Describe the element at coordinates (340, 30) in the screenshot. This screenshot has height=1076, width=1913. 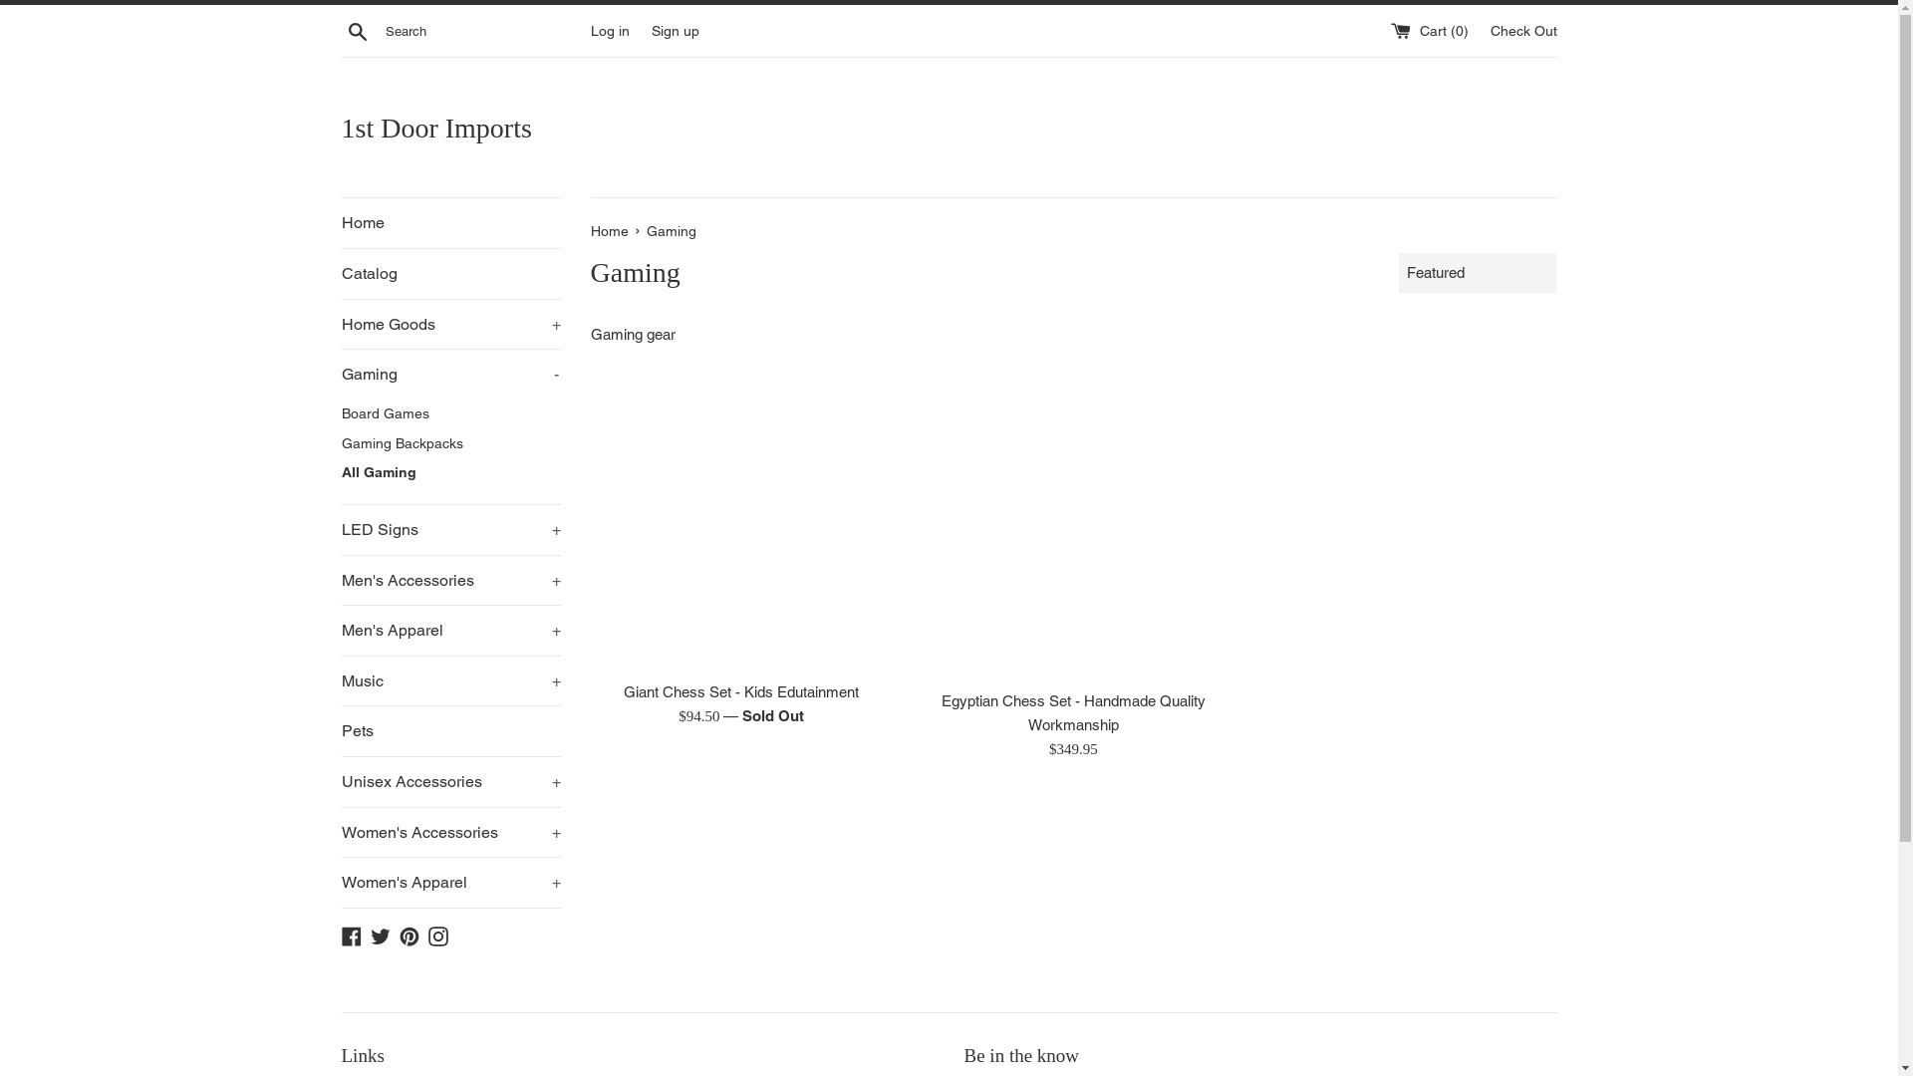
I see `'Search'` at that location.